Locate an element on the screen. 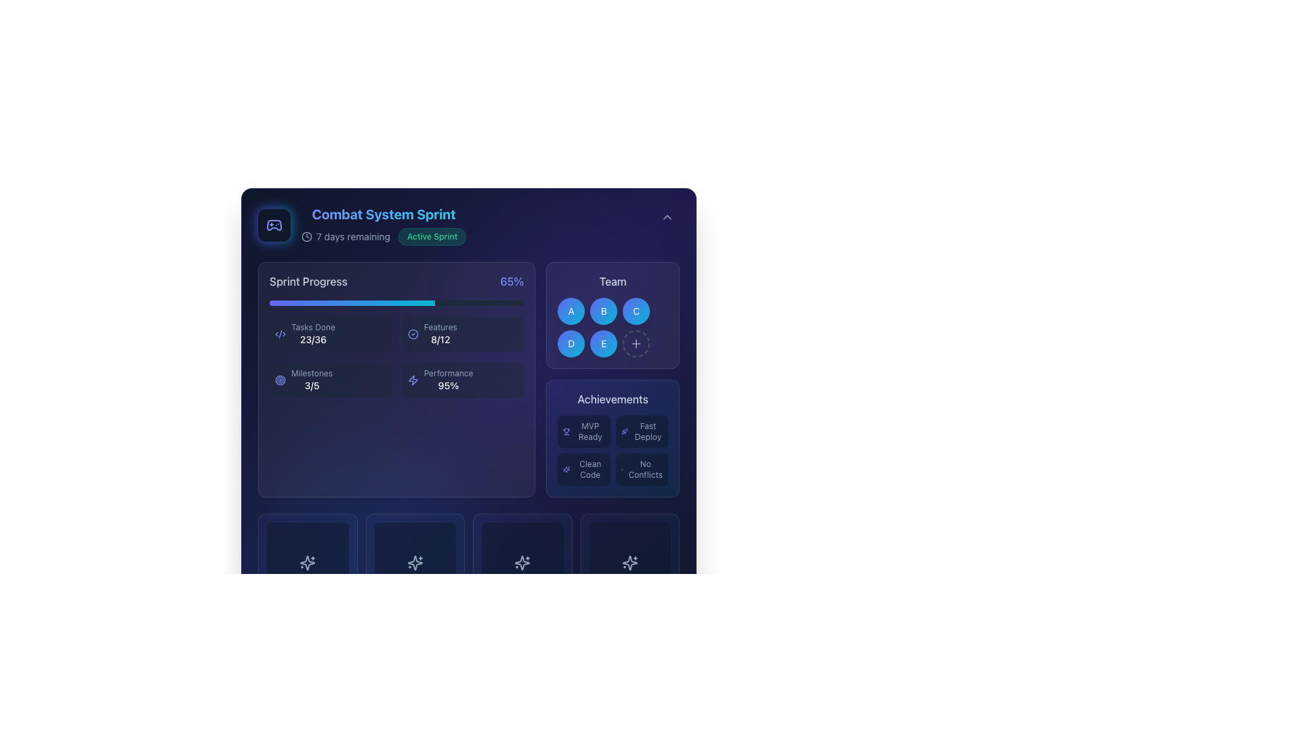  the toggle button/icon represented by a downward-pointing chevron in the upper-right corner of the interface to change its appearance is located at coordinates (667, 216).